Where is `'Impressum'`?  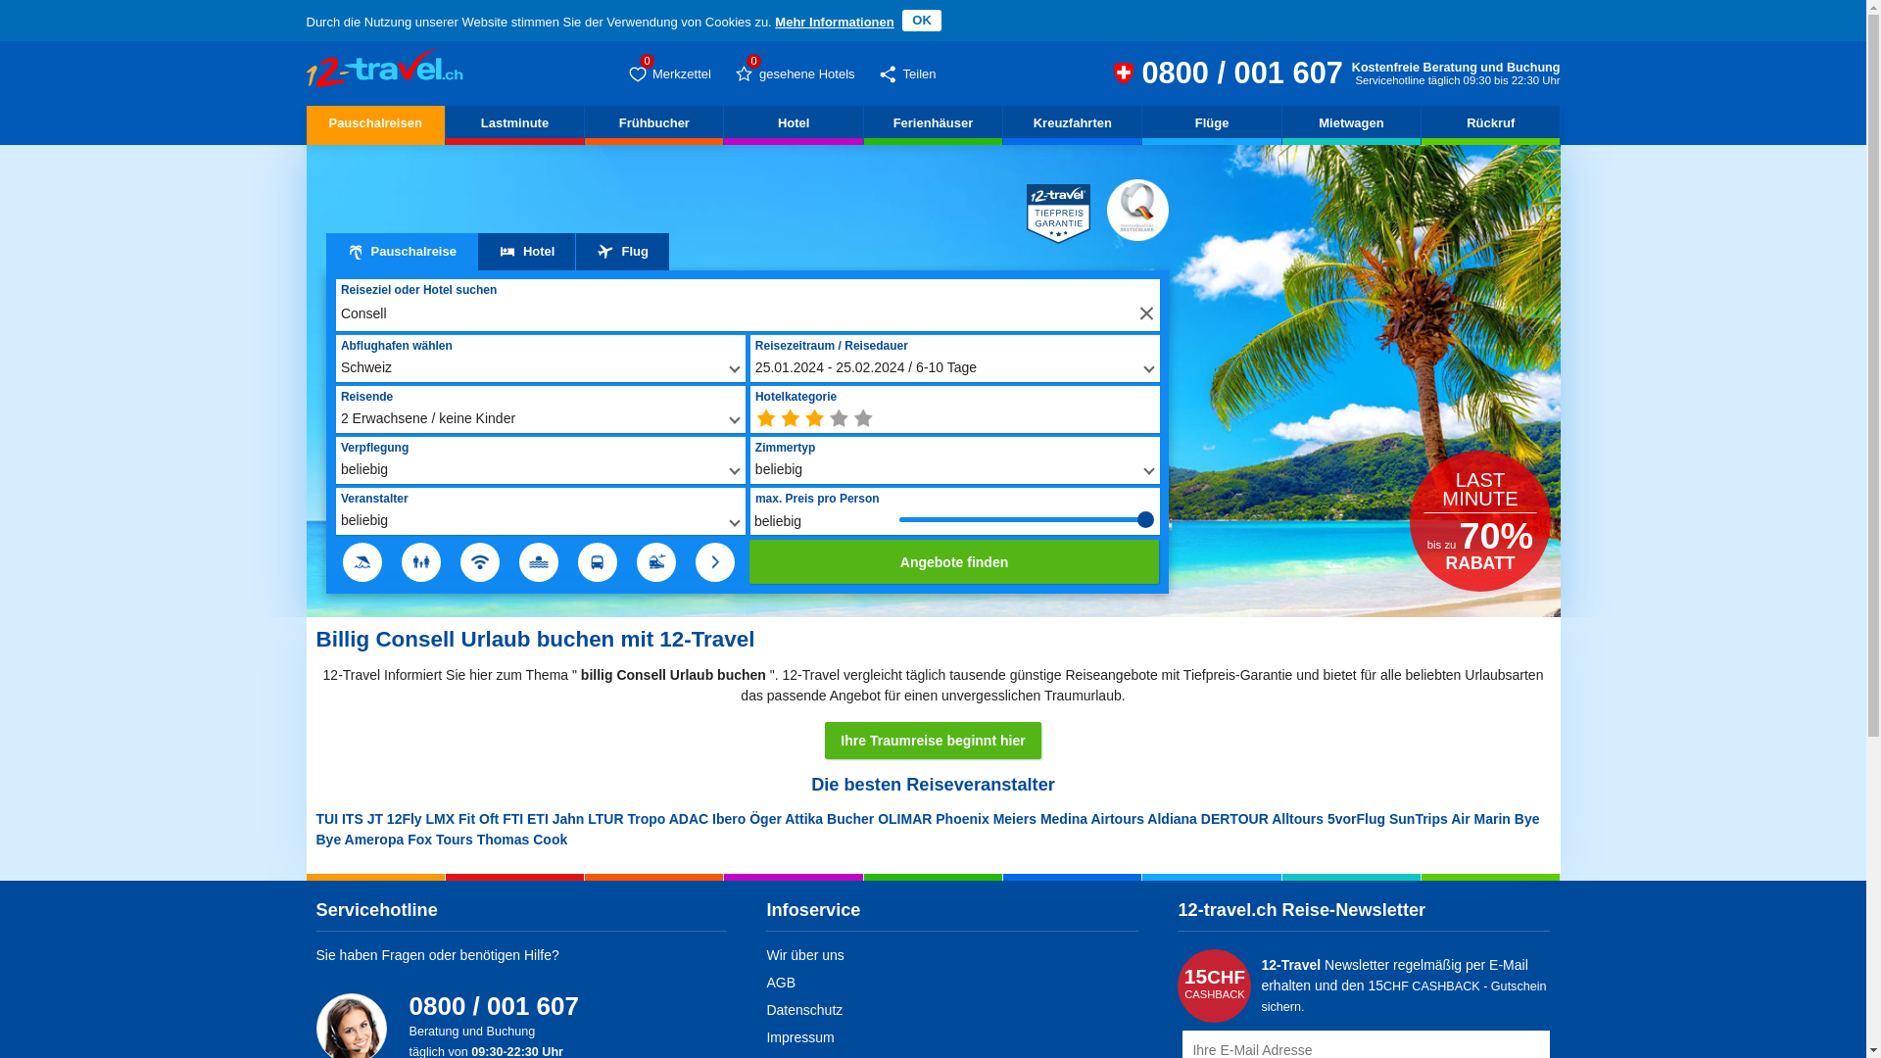
'Impressum' is located at coordinates (799, 1036).